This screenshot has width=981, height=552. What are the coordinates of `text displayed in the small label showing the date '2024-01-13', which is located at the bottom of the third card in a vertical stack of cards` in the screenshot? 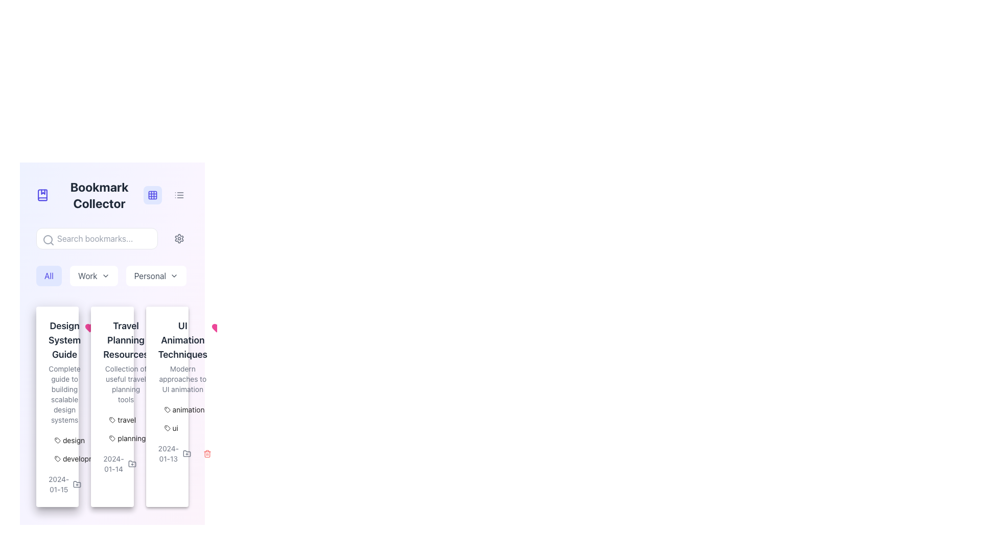 It's located at (168, 453).